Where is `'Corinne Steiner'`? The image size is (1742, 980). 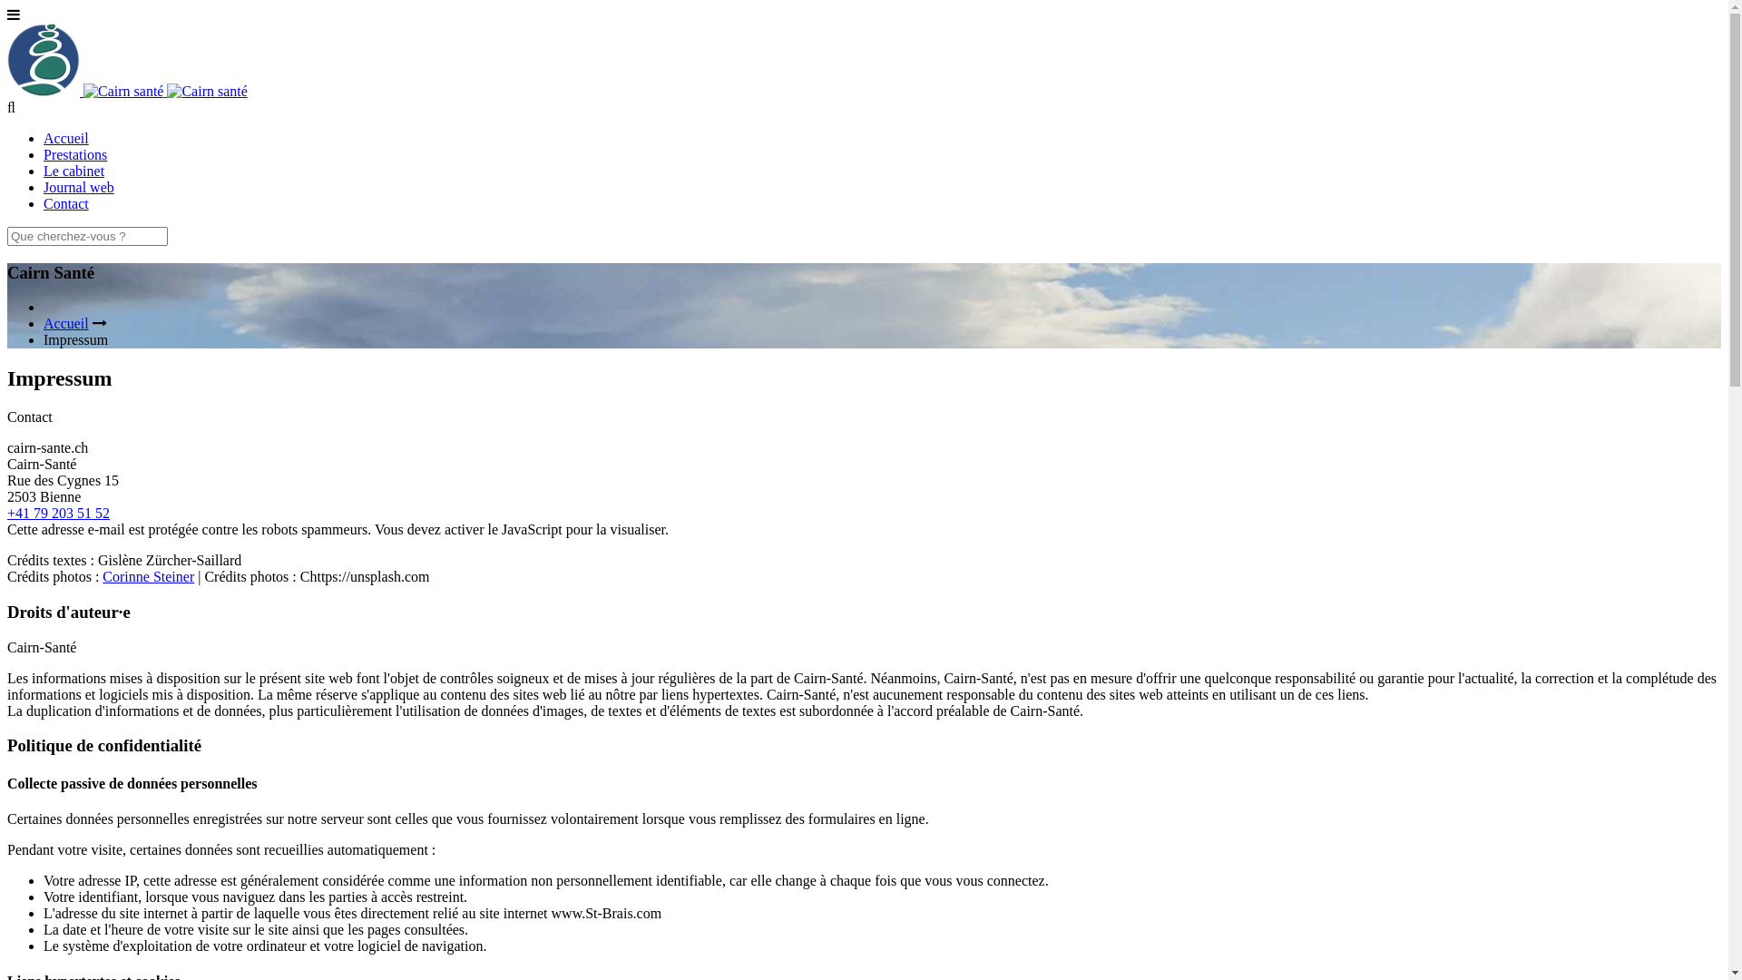
'Corinne Steiner' is located at coordinates (148, 576).